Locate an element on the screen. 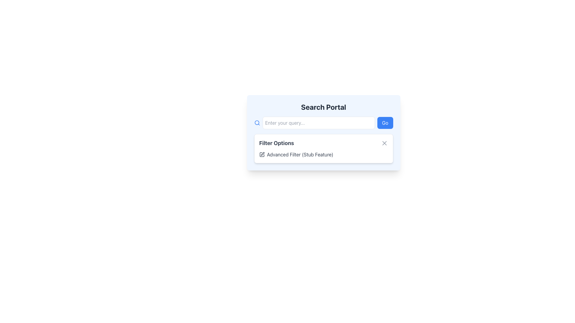 Image resolution: width=575 pixels, height=323 pixels. the search button is located at coordinates (385, 123).